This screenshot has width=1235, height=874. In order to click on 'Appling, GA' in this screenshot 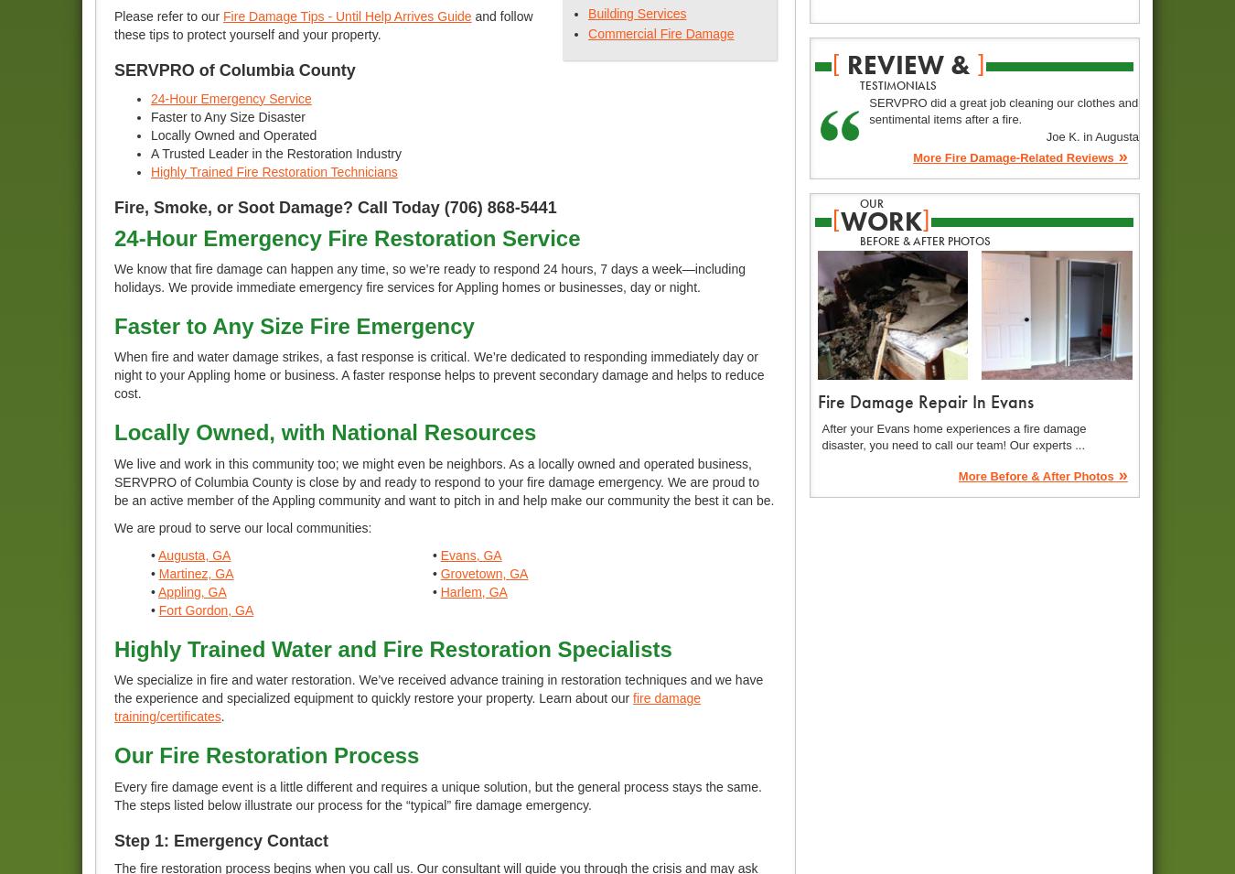, I will do `click(192, 589)`.